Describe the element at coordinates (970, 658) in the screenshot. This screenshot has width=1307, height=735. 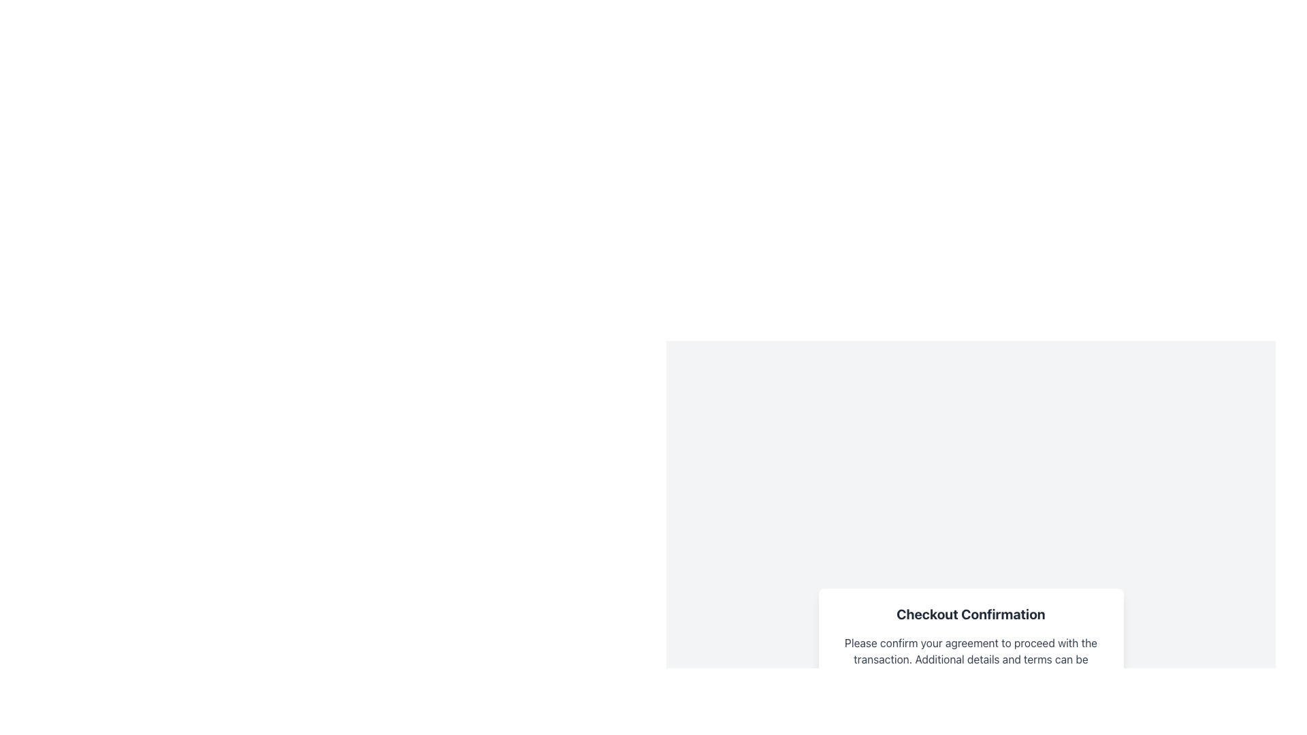
I see `the text element that reads 'Please confirm your agreement to proceed with the transaction.' which is located below the 'Checkout Confirmation' title` at that location.